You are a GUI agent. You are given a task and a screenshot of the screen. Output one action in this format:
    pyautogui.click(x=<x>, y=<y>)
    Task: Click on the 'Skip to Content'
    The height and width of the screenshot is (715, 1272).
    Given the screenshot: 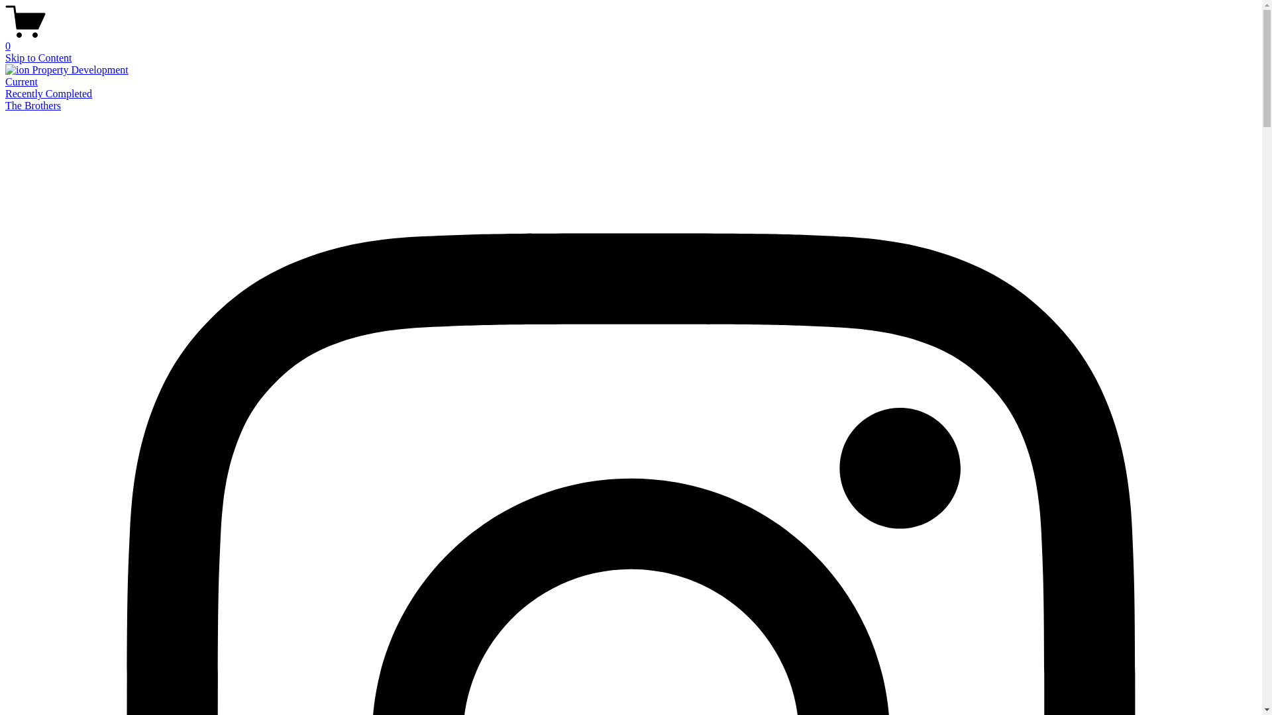 What is the action you would take?
    pyautogui.click(x=38, y=57)
    